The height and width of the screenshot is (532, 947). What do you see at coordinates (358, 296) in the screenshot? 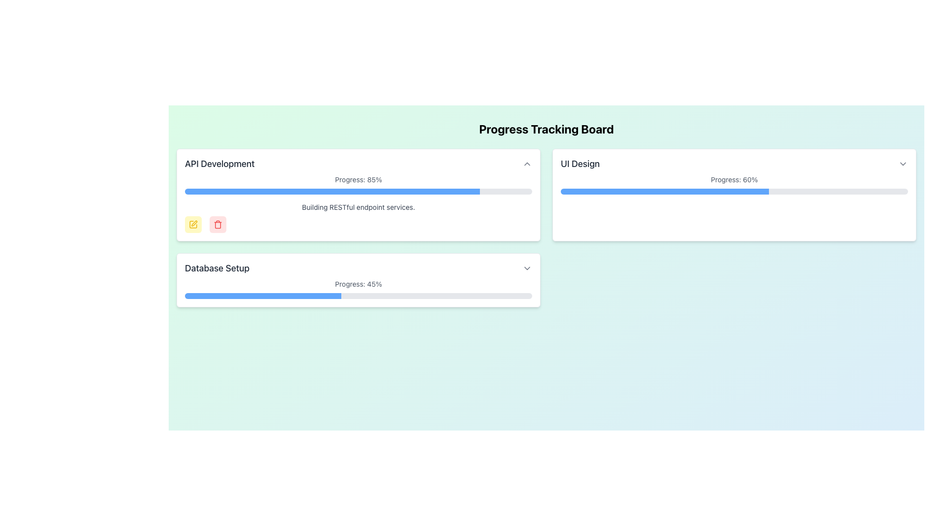
I see `the progress bar indicating 45% completion under the 'Database Setup' title` at bounding box center [358, 296].